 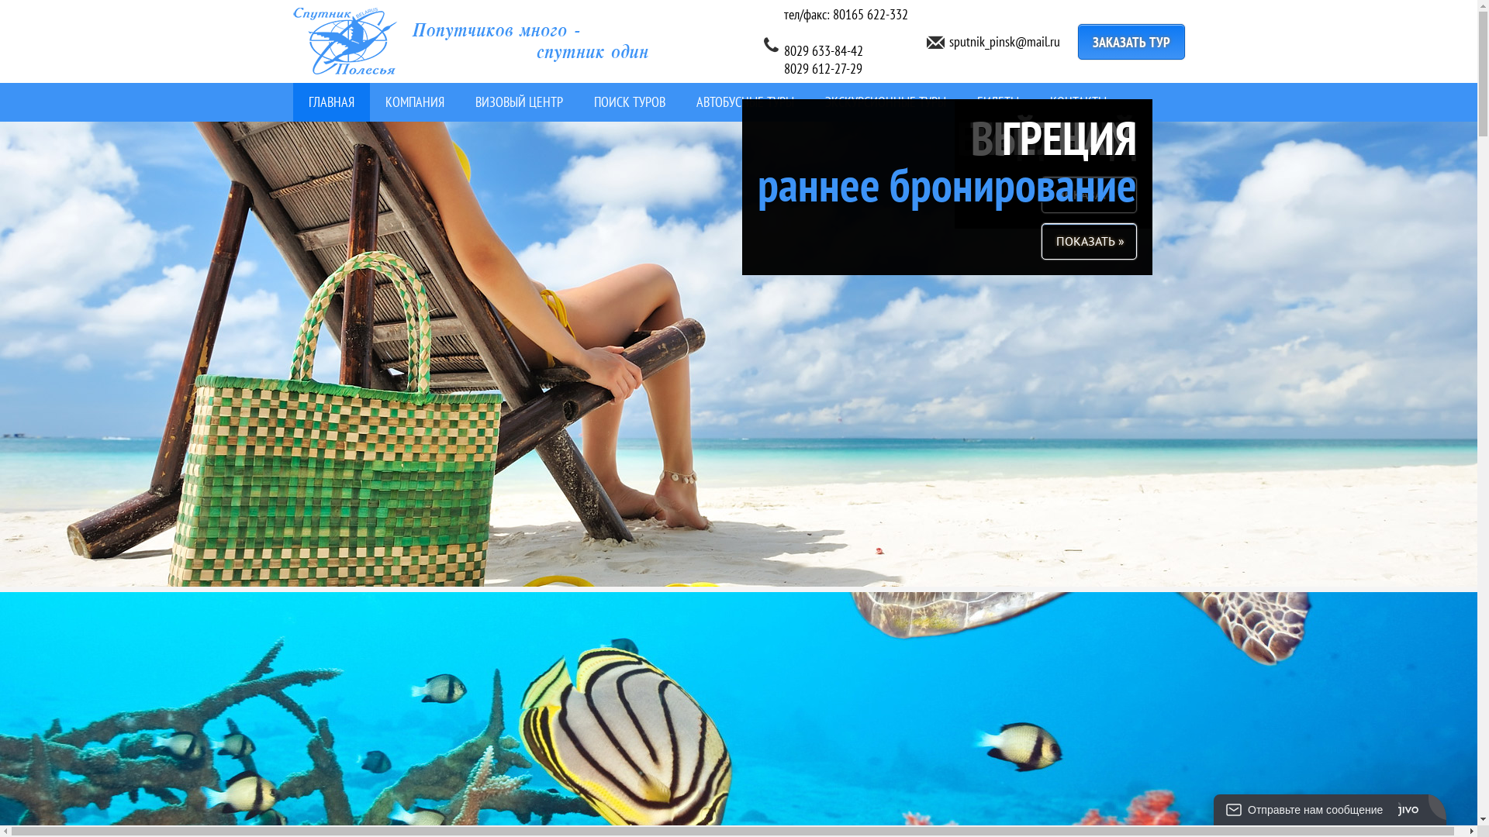 I want to click on 'sputnik_pinsk@mail.ru', so click(x=1004, y=40).